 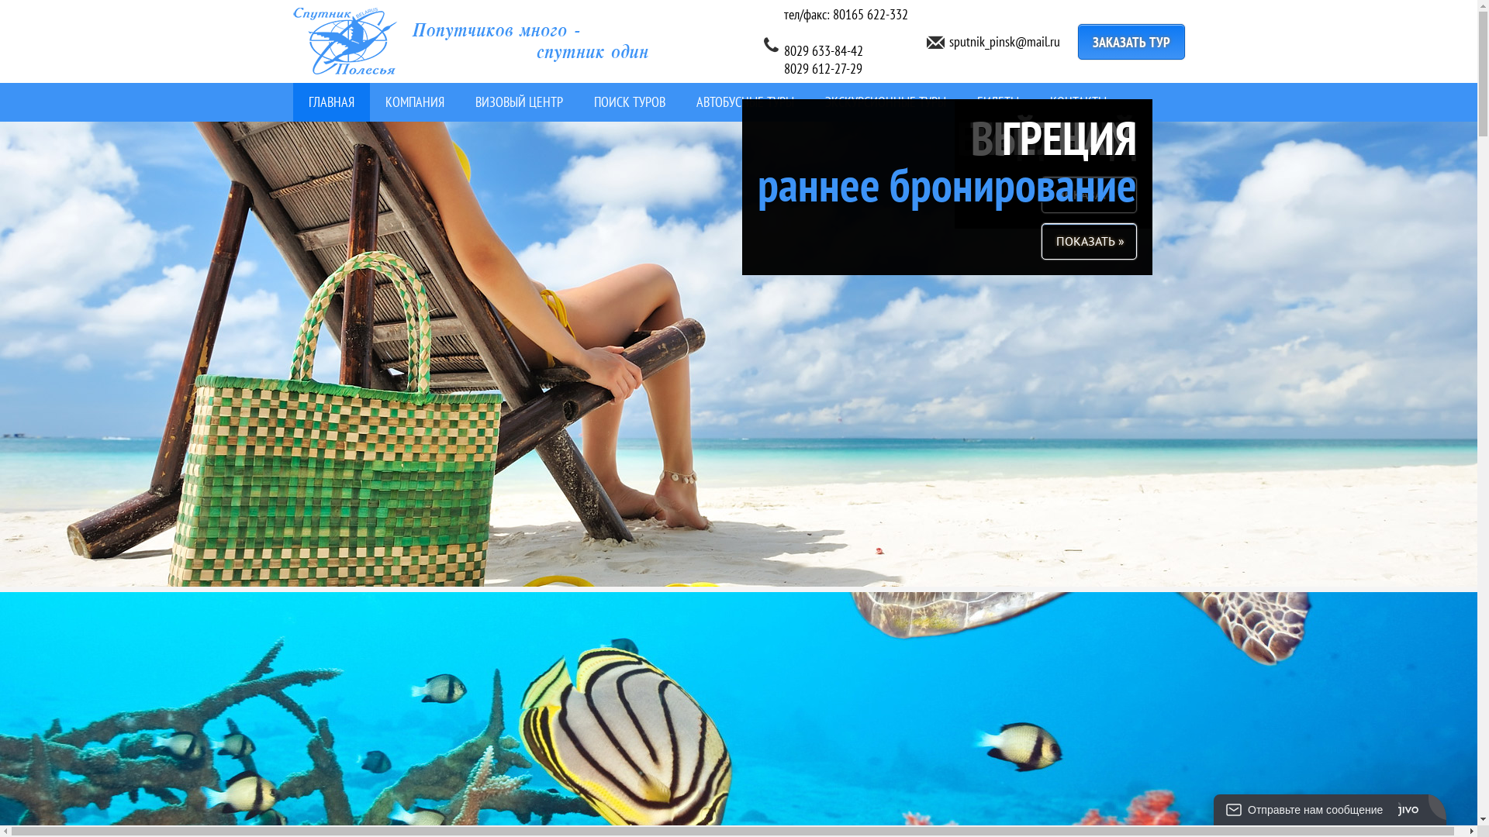 I want to click on 'sputnik_pinsk@mail.ru', so click(x=1004, y=40).